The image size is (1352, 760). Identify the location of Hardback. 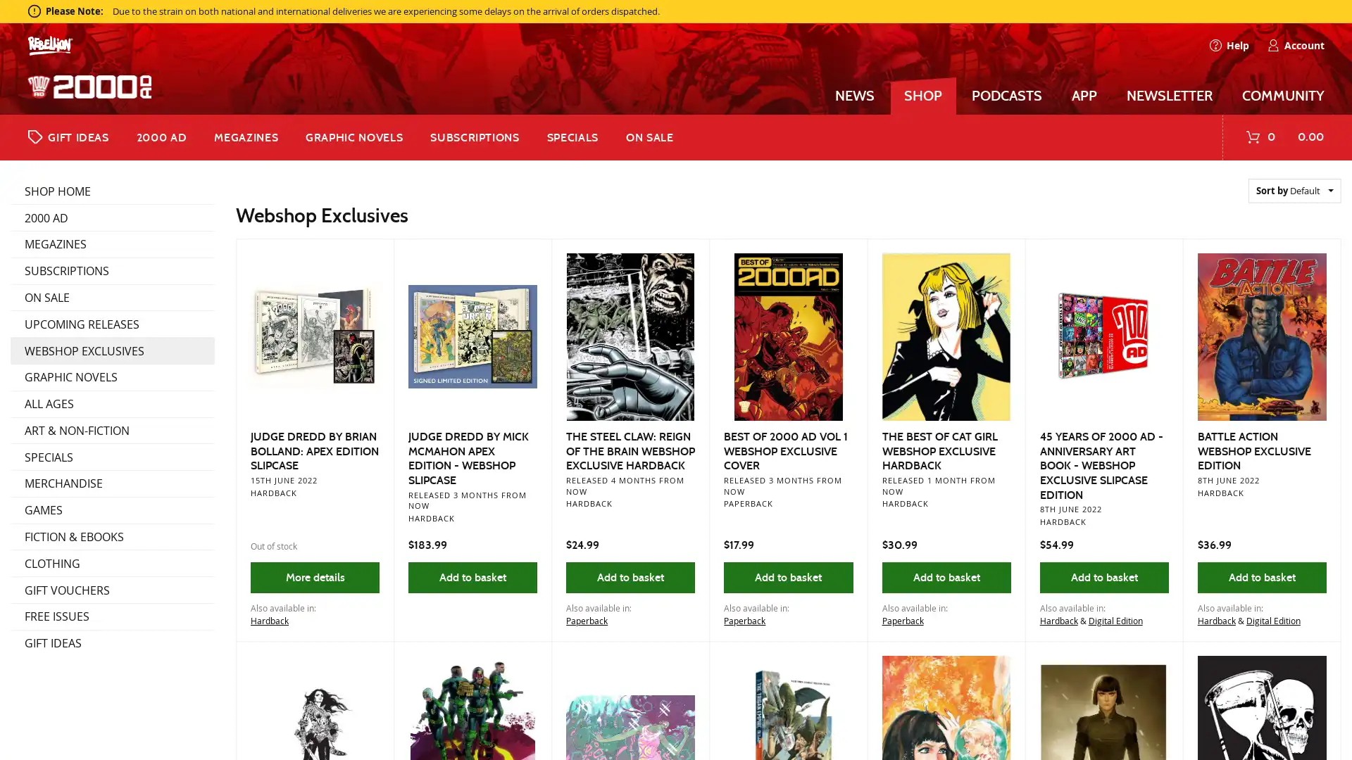
(269, 620).